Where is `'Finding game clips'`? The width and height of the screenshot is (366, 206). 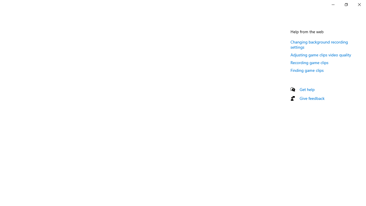
'Finding game clips' is located at coordinates (307, 70).